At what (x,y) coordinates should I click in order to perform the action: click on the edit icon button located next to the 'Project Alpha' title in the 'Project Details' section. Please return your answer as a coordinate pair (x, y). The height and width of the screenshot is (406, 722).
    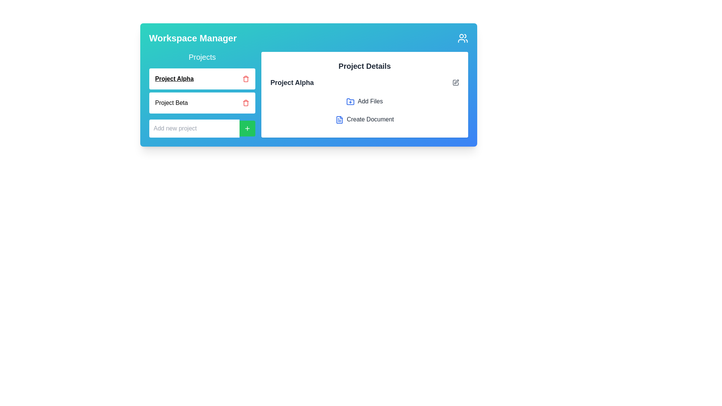
    Looking at the image, I should click on (455, 82).